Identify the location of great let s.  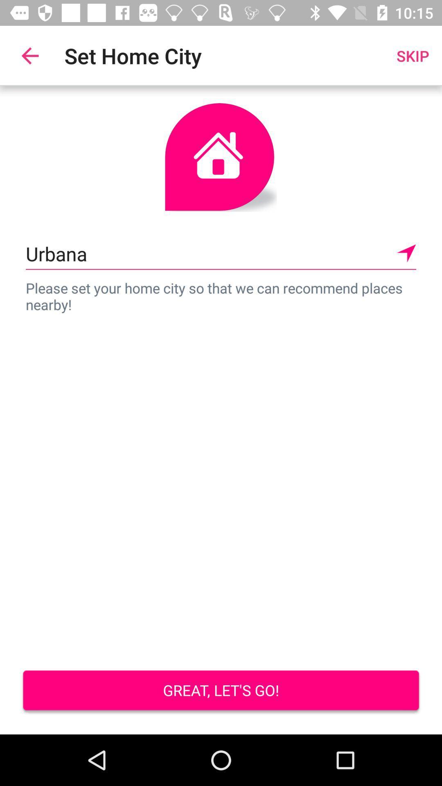
(221, 691).